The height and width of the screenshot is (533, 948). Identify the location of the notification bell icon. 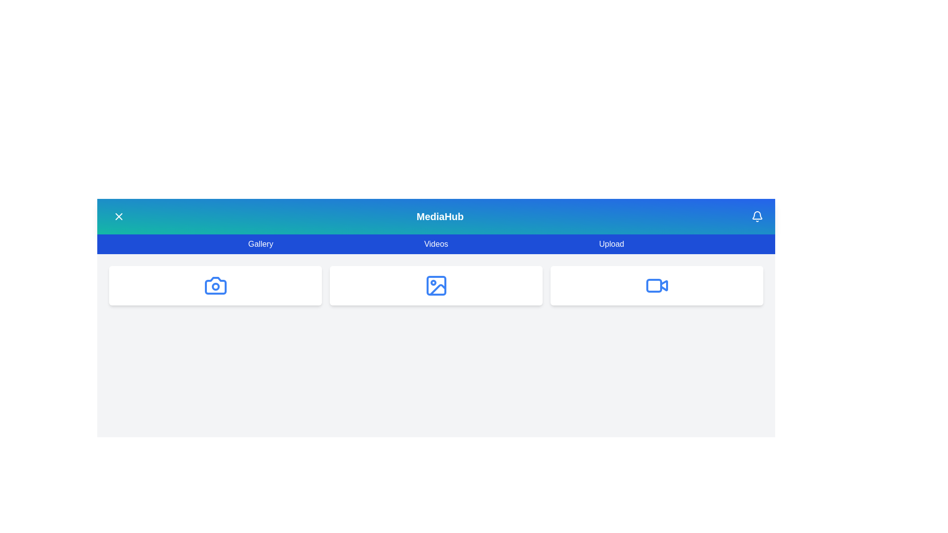
(757, 216).